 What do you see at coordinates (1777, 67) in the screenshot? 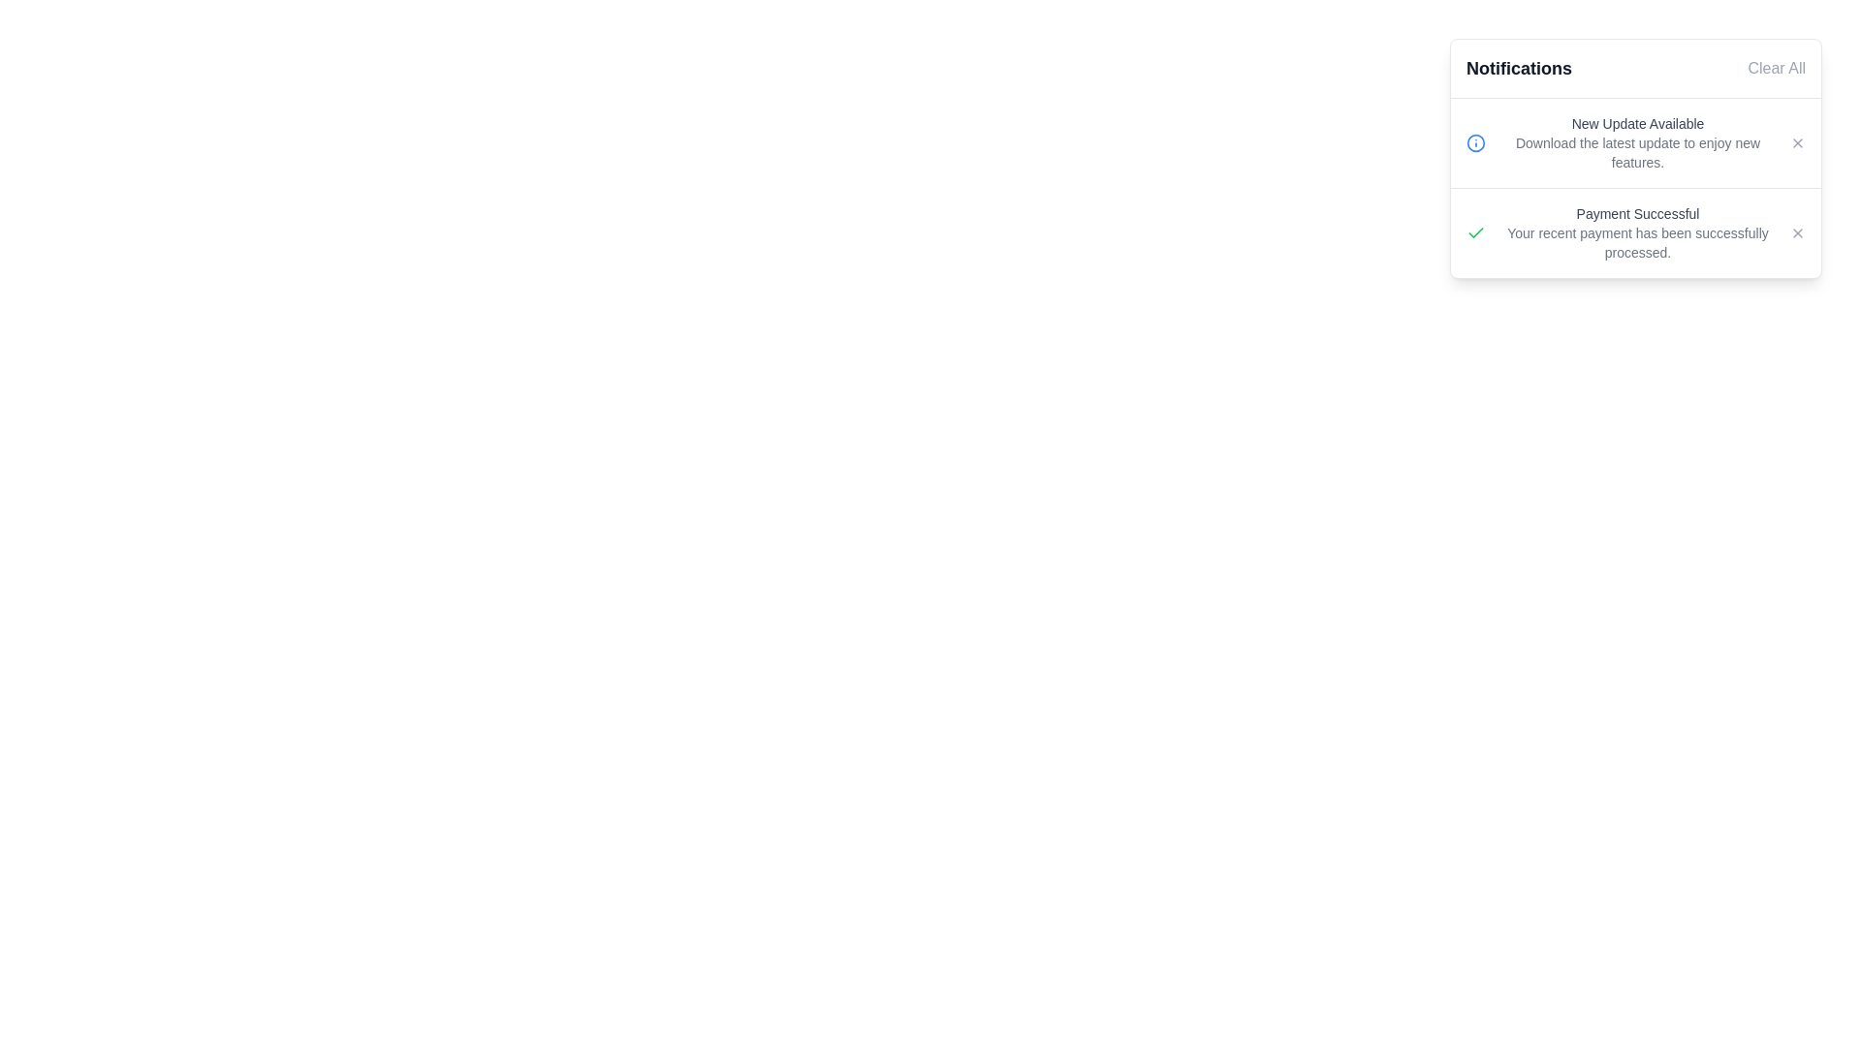
I see `the 'Clear All' button located at the top-right corner of the notification card to change its color to red` at bounding box center [1777, 67].